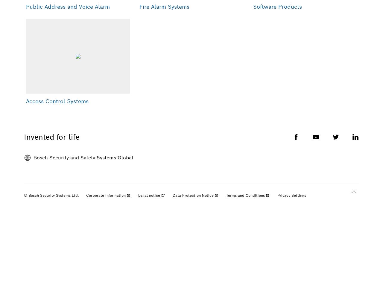  Describe the element at coordinates (52, 137) in the screenshot. I see `'Invented for life'` at that location.